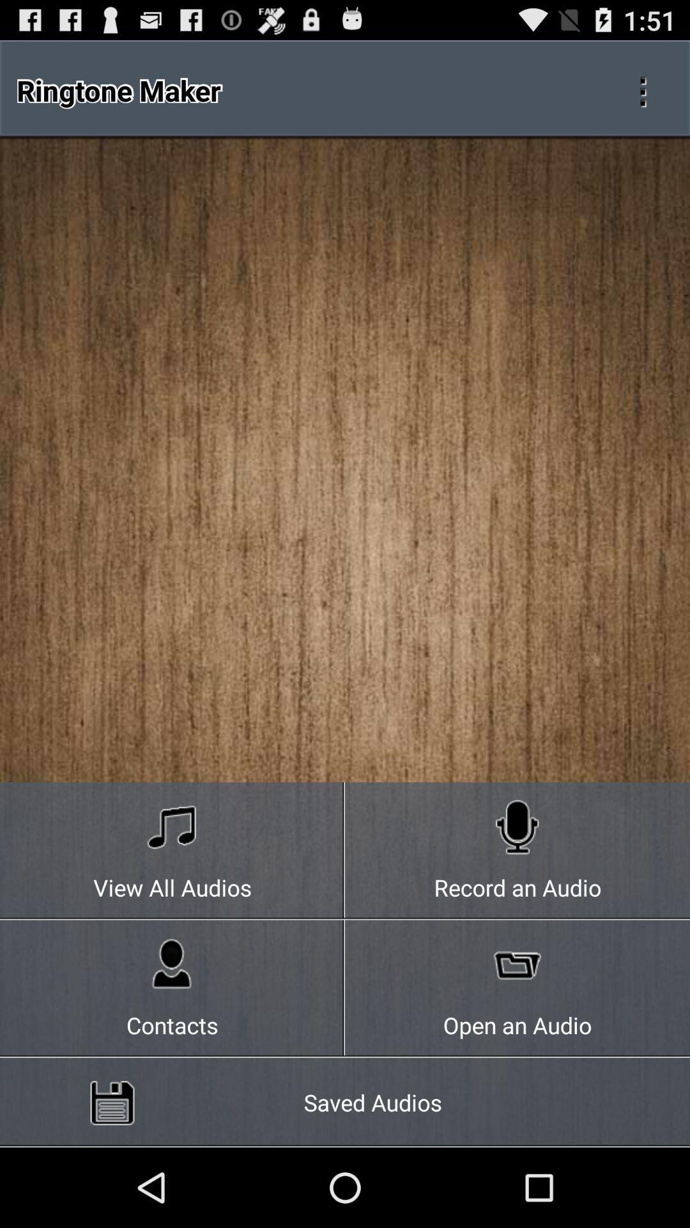 The width and height of the screenshot is (690, 1228). What do you see at coordinates (172, 851) in the screenshot?
I see `the view all audios` at bounding box center [172, 851].